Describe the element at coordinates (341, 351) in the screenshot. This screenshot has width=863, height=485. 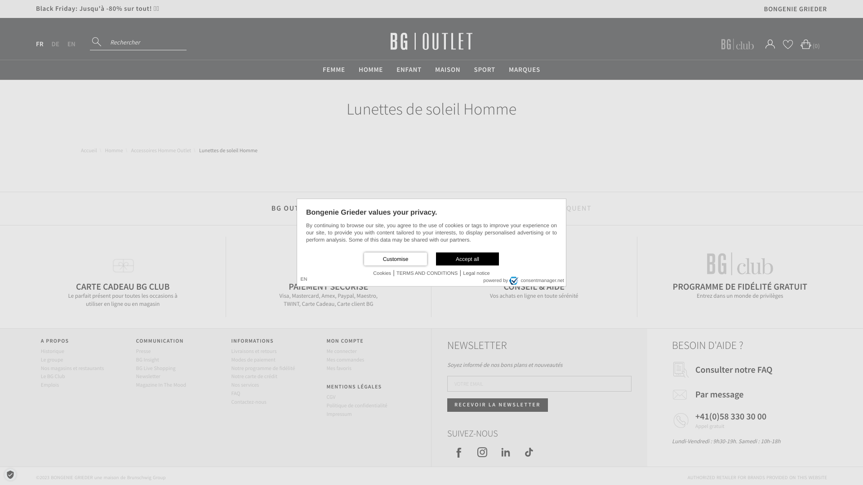
I see `'Me connecter'` at that location.